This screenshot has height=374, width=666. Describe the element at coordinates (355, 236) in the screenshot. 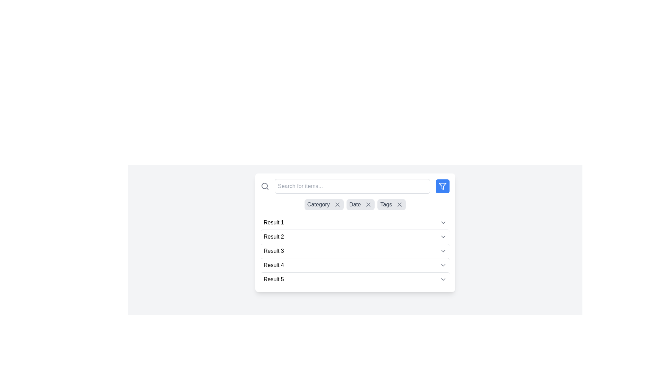

I see `the list item labeled 'Result 2' which is the second item in a vertically scrollable panel of results` at that location.